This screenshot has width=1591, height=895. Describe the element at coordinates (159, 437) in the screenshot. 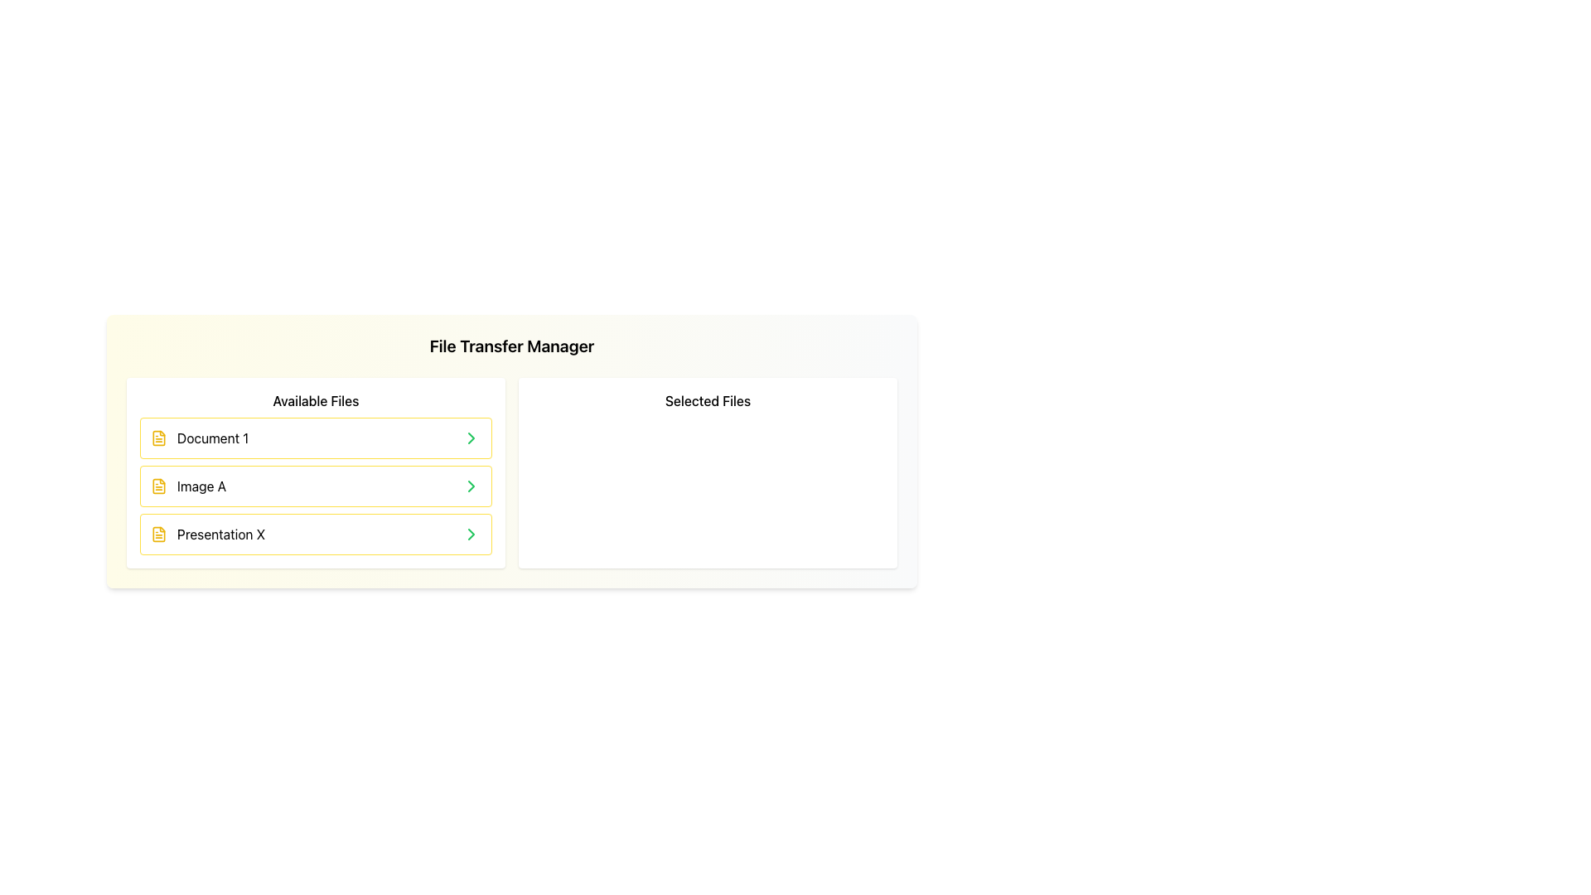

I see `the document icon representing 'Document 1' located in the 'Available Files' section of the main interface` at that location.